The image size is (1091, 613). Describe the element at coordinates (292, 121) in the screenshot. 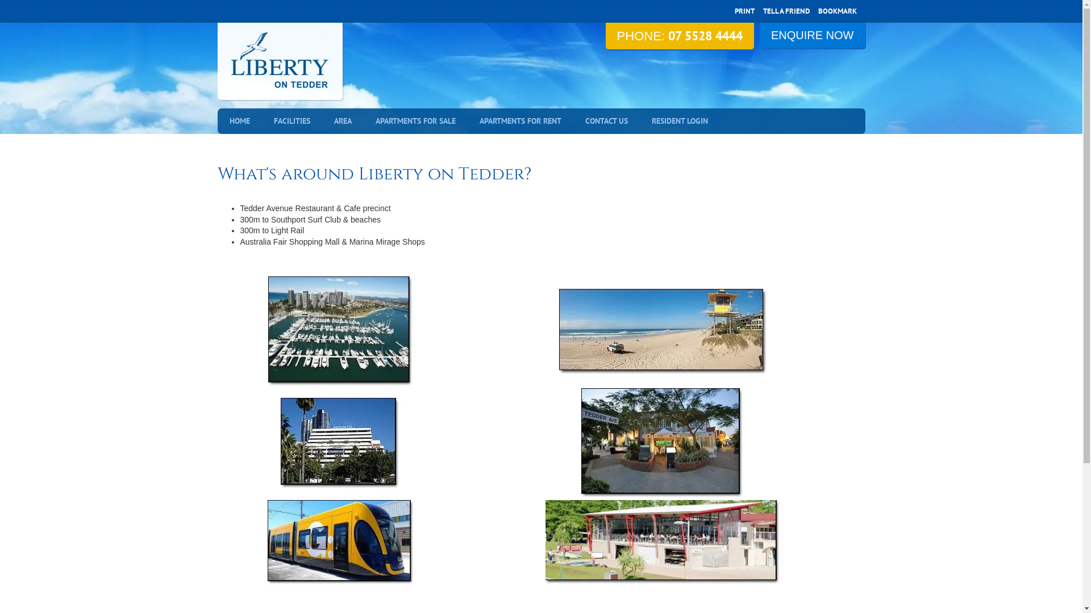

I see `'FACILITIES'` at that location.